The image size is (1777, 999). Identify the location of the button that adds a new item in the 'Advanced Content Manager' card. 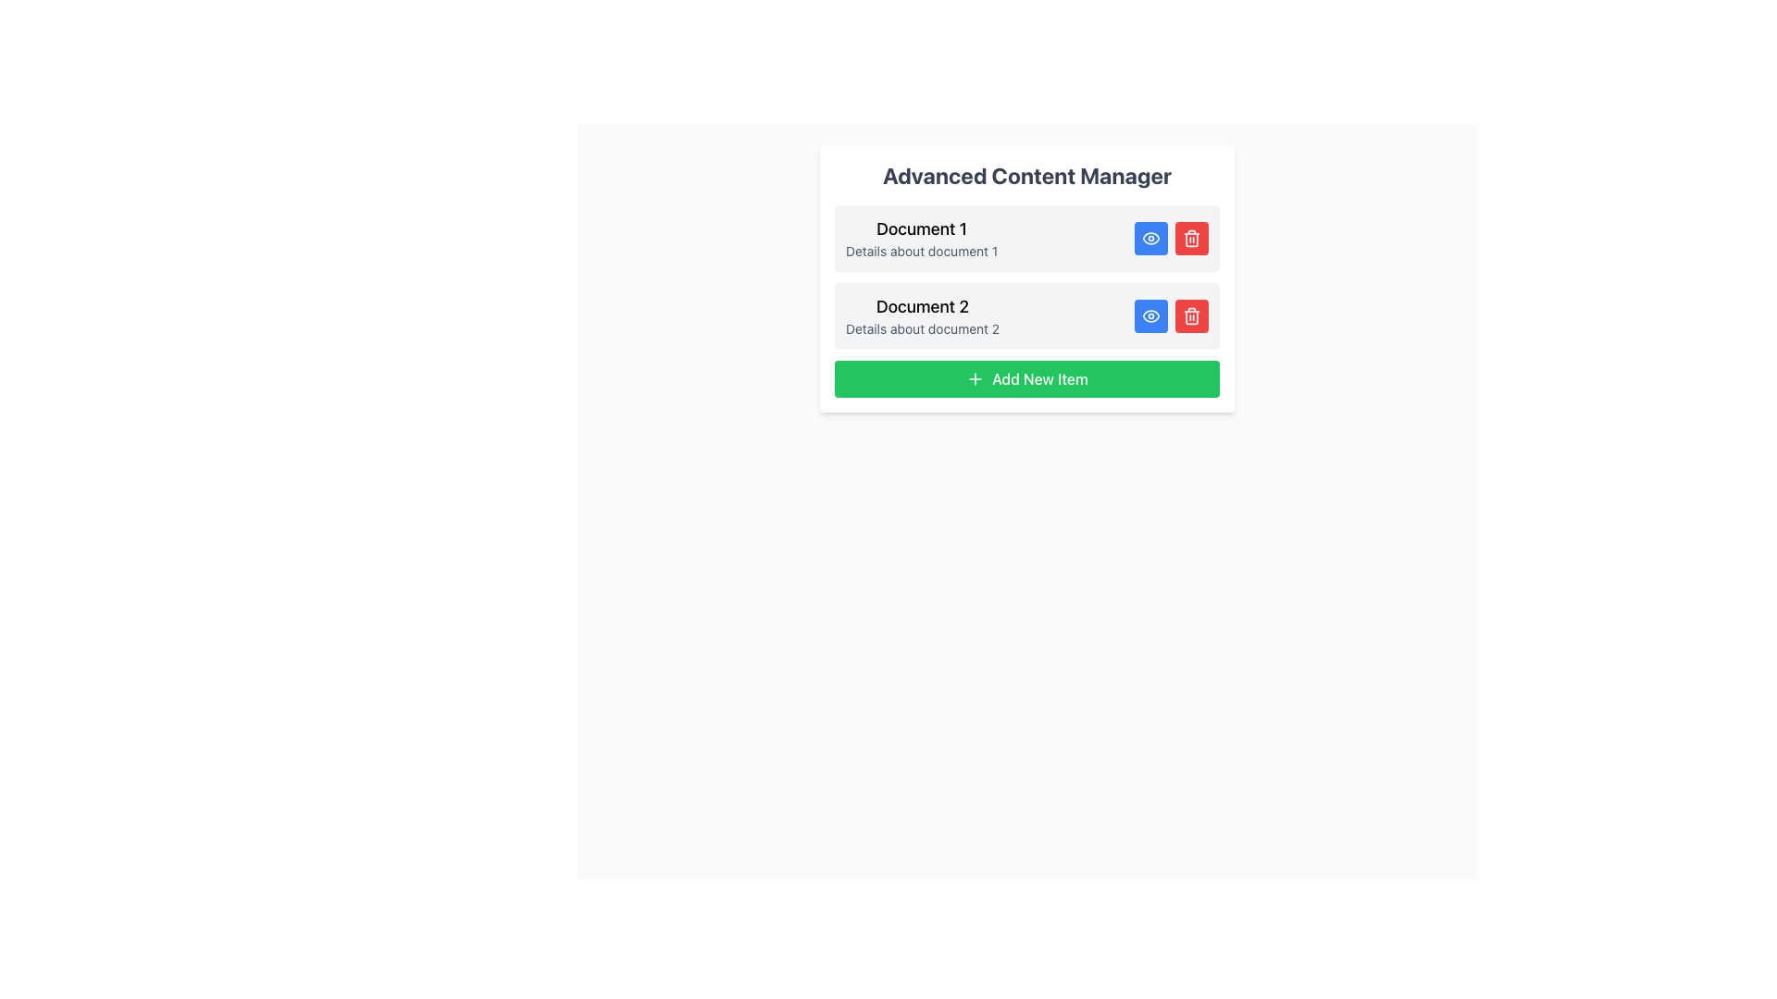
(1025, 377).